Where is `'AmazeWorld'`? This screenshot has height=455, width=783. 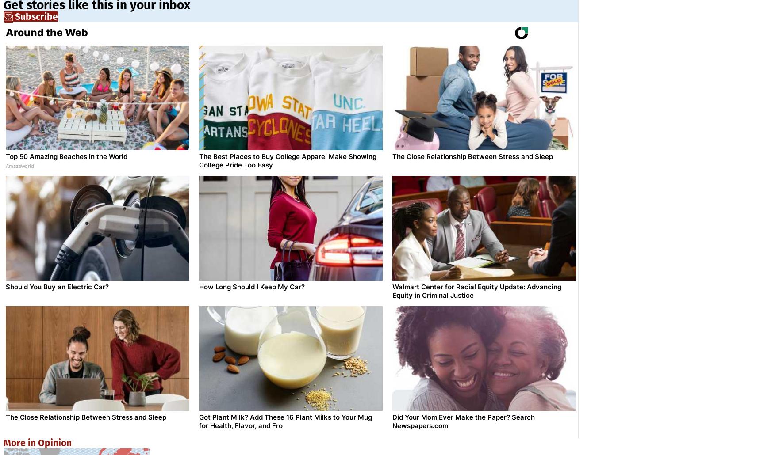 'AmazeWorld' is located at coordinates (19, 166).